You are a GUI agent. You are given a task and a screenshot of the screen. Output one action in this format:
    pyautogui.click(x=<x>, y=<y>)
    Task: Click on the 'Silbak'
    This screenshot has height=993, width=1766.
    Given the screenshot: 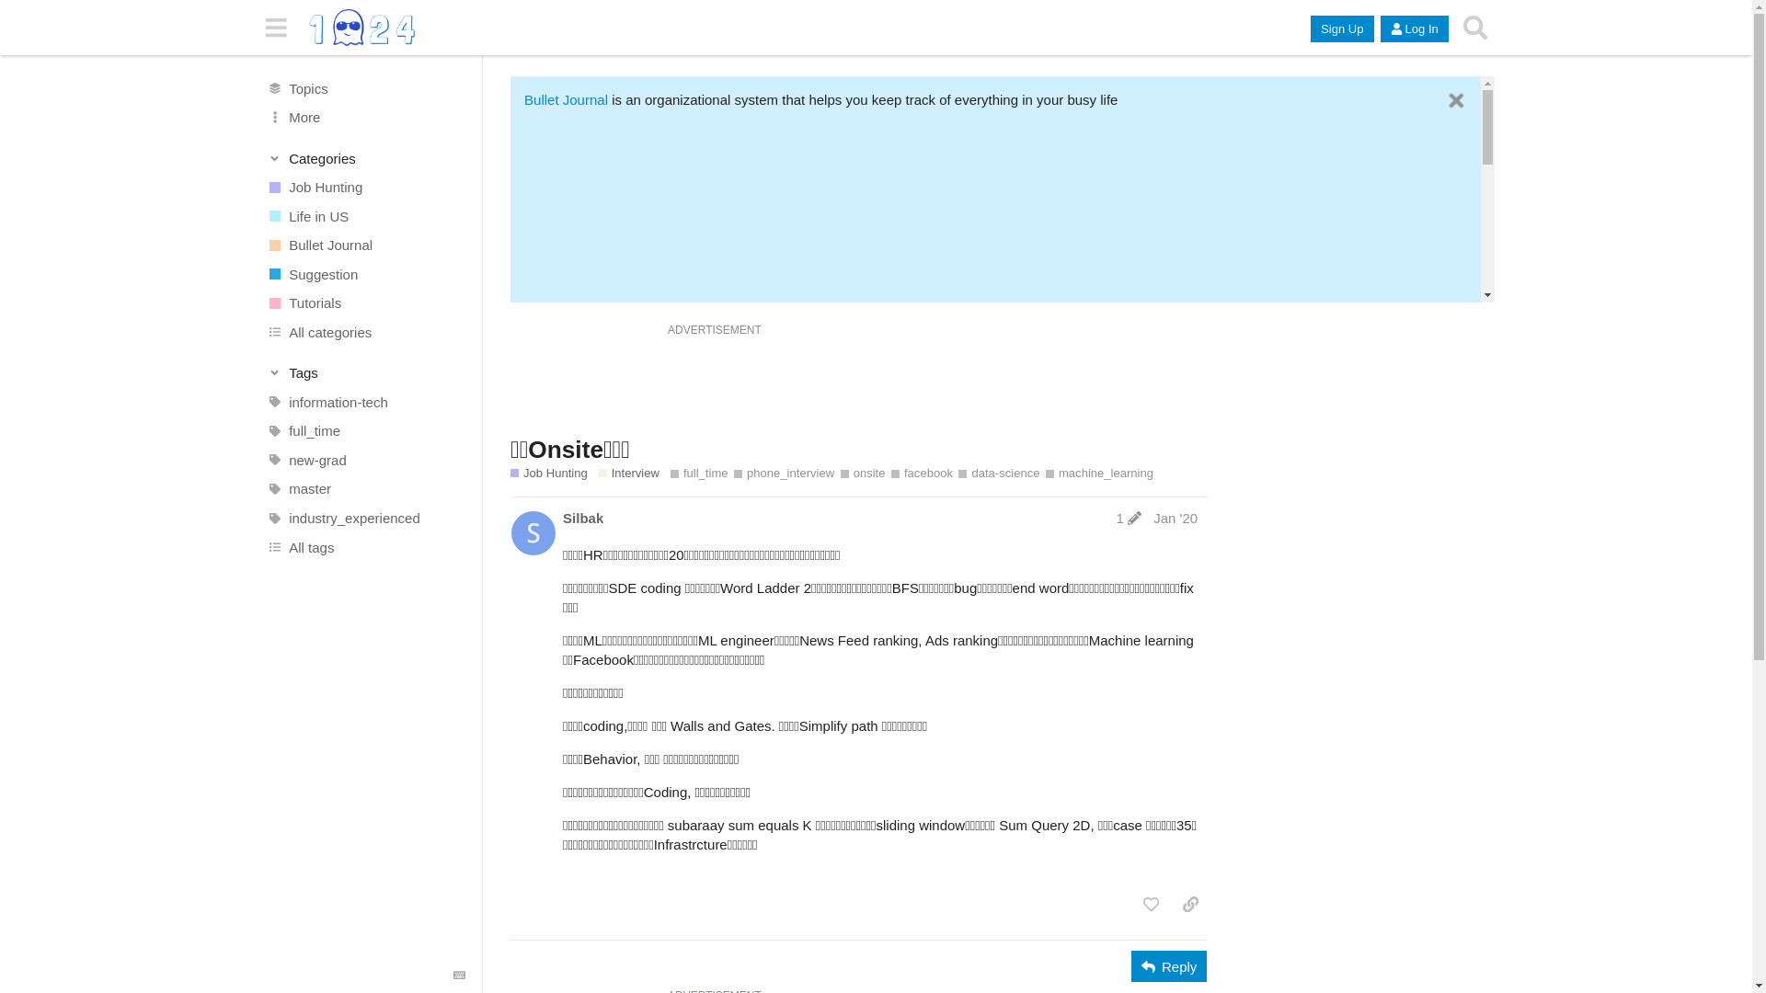 What is the action you would take?
    pyautogui.click(x=581, y=518)
    